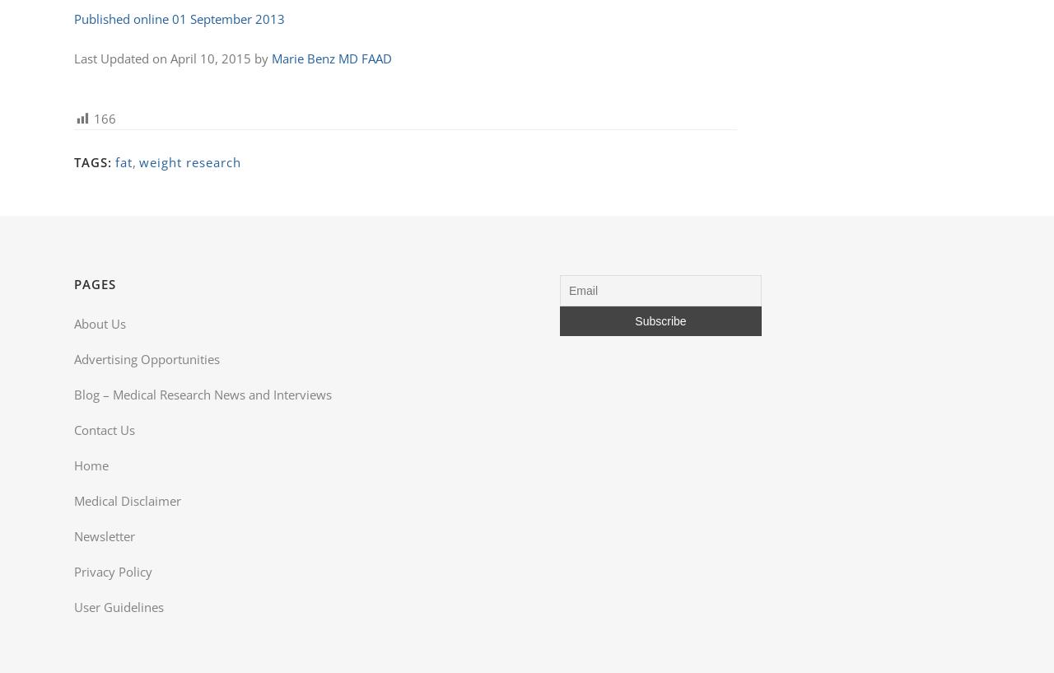 The width and height of the screenshot is (1054, 673). What do you see at coordinates (103, 535) in the screenshot?
I see `'Newsletter'` at bounding box center [103, 535].